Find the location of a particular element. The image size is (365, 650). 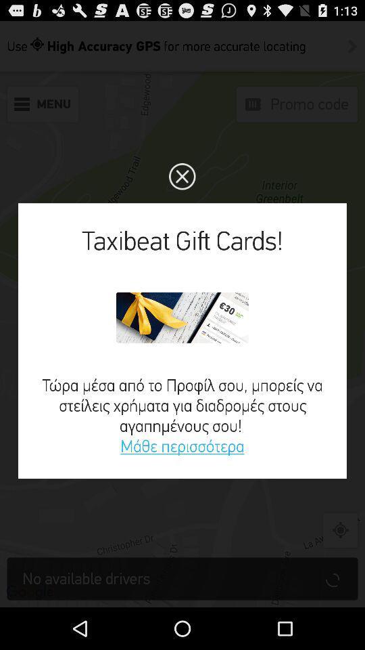

the close icon is located at coordinates (182, 188).